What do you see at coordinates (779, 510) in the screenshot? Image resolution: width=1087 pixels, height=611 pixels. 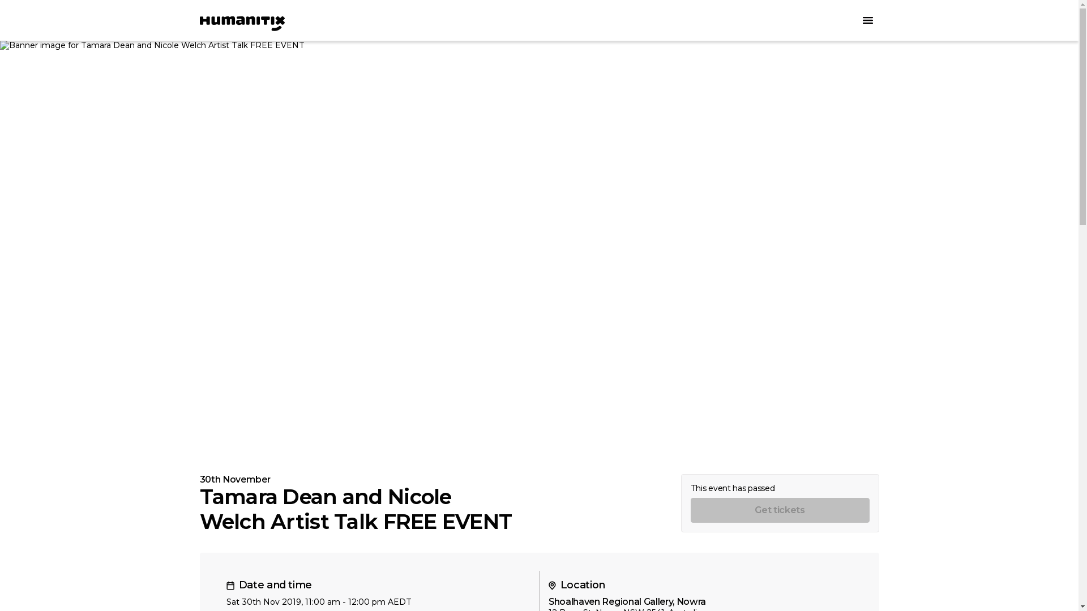 I see `'Get tickets'` at bounding box center [779, 510].